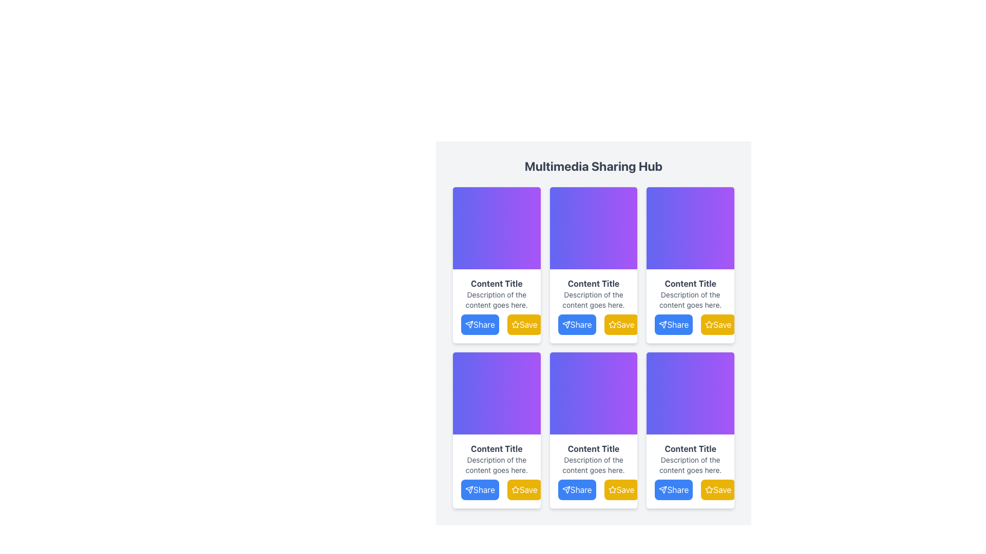 The width and height of the screenshot is (986, 554). I want to click on the card component located in the first row, third column of the grid layout, so click(690, 264).